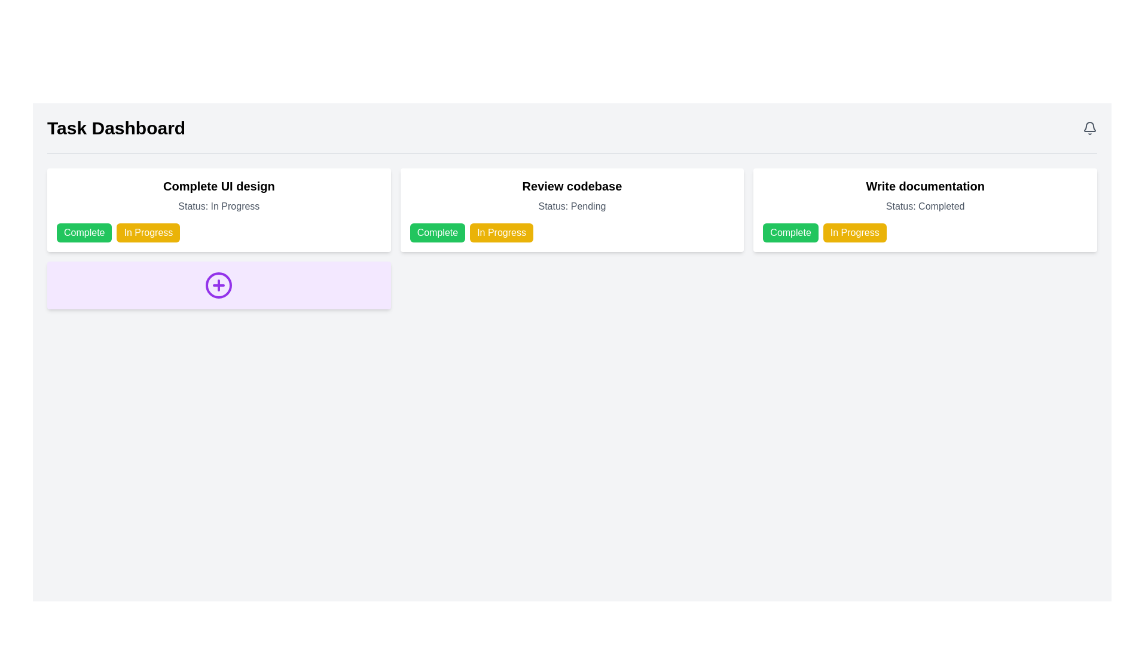 This screenshot has height=645, width=1148. What do you see at coordinates (1090, 128) in the screenshot?
I see `the notification or alert icon located at the top-right corner of the header, next to 'Task Dashboard'` at bounding box center [1090, 128].